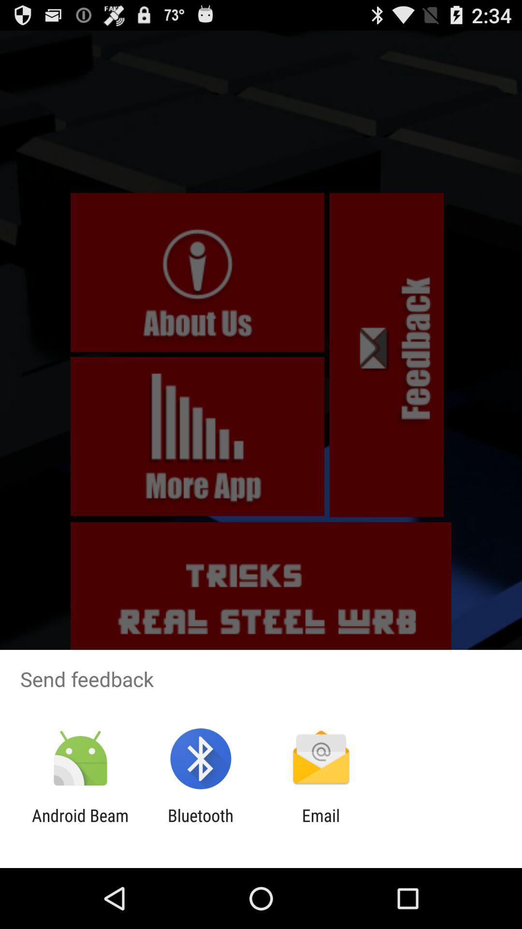 The width and height of the screenshot is (522, 929). Describe the element at coordinates (321, 825) in the screenshot. I see `icon next to bluetooth app` at that location.